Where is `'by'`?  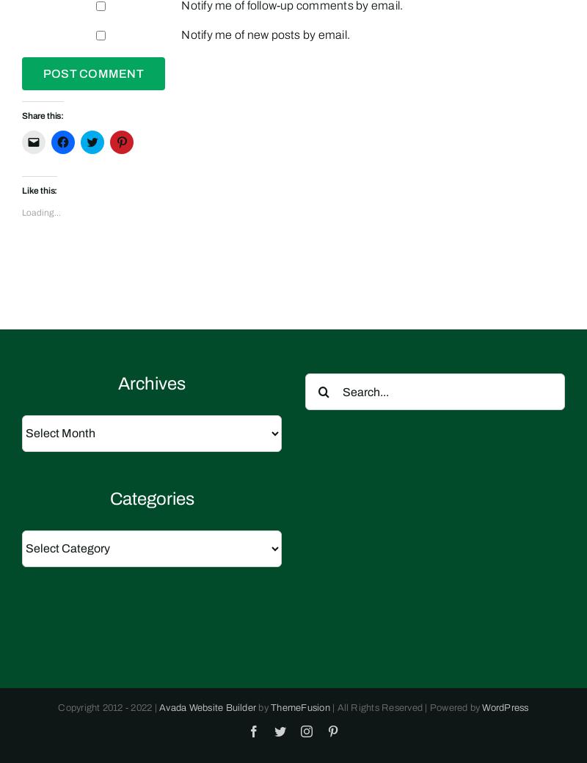 'by' is located at coordinates (263, 707).